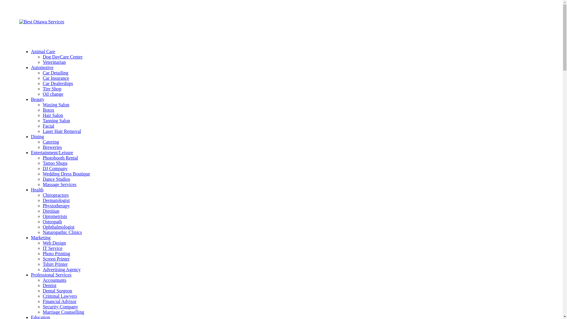 This screenshot has height=319, width=567. What do you see at coordinates (66, 173) in the screenshot?
I see `'Wedding Dress Boutique'` at bounding box center [66, 173].